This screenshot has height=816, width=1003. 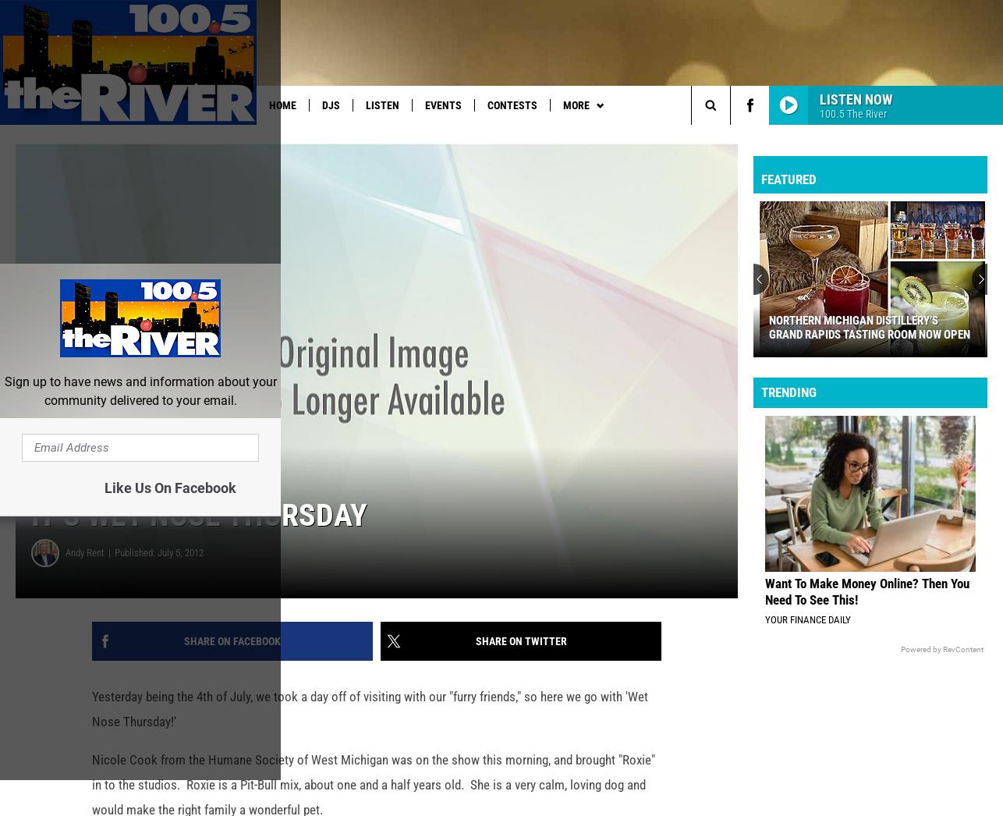 I want to click on 'Holiday Deals', so click(x=682, y=137).